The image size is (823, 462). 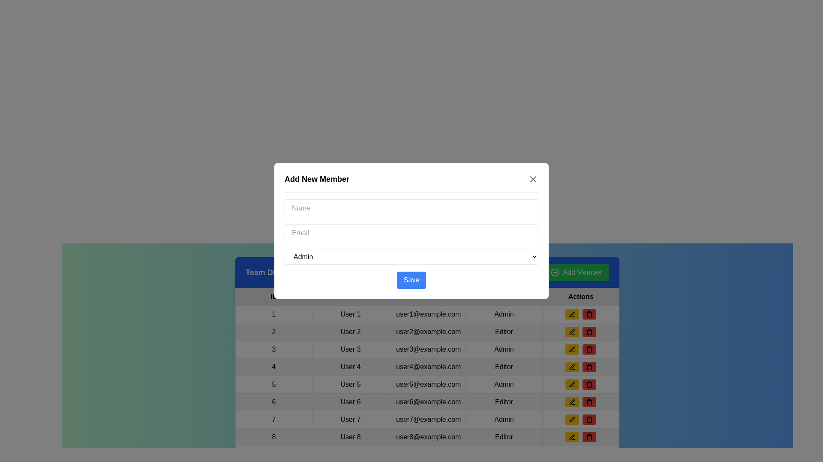 I want to click on the pen icon in the Actions column of the table for User 2, so click(x=572, y=331).